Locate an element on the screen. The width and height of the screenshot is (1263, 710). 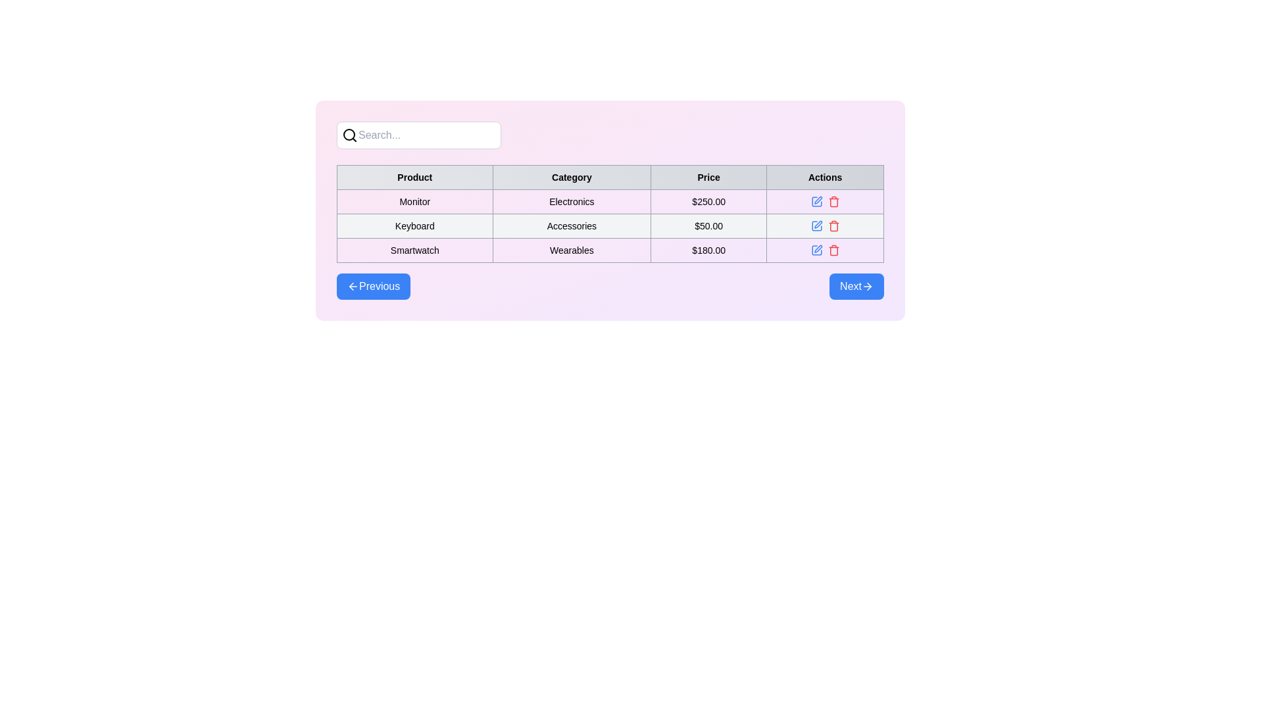
the 'Actions' text label in the table header, which is located on the rightmost side of a row of four cells, following the 'Price' column header is located at coordinates (824, 177).